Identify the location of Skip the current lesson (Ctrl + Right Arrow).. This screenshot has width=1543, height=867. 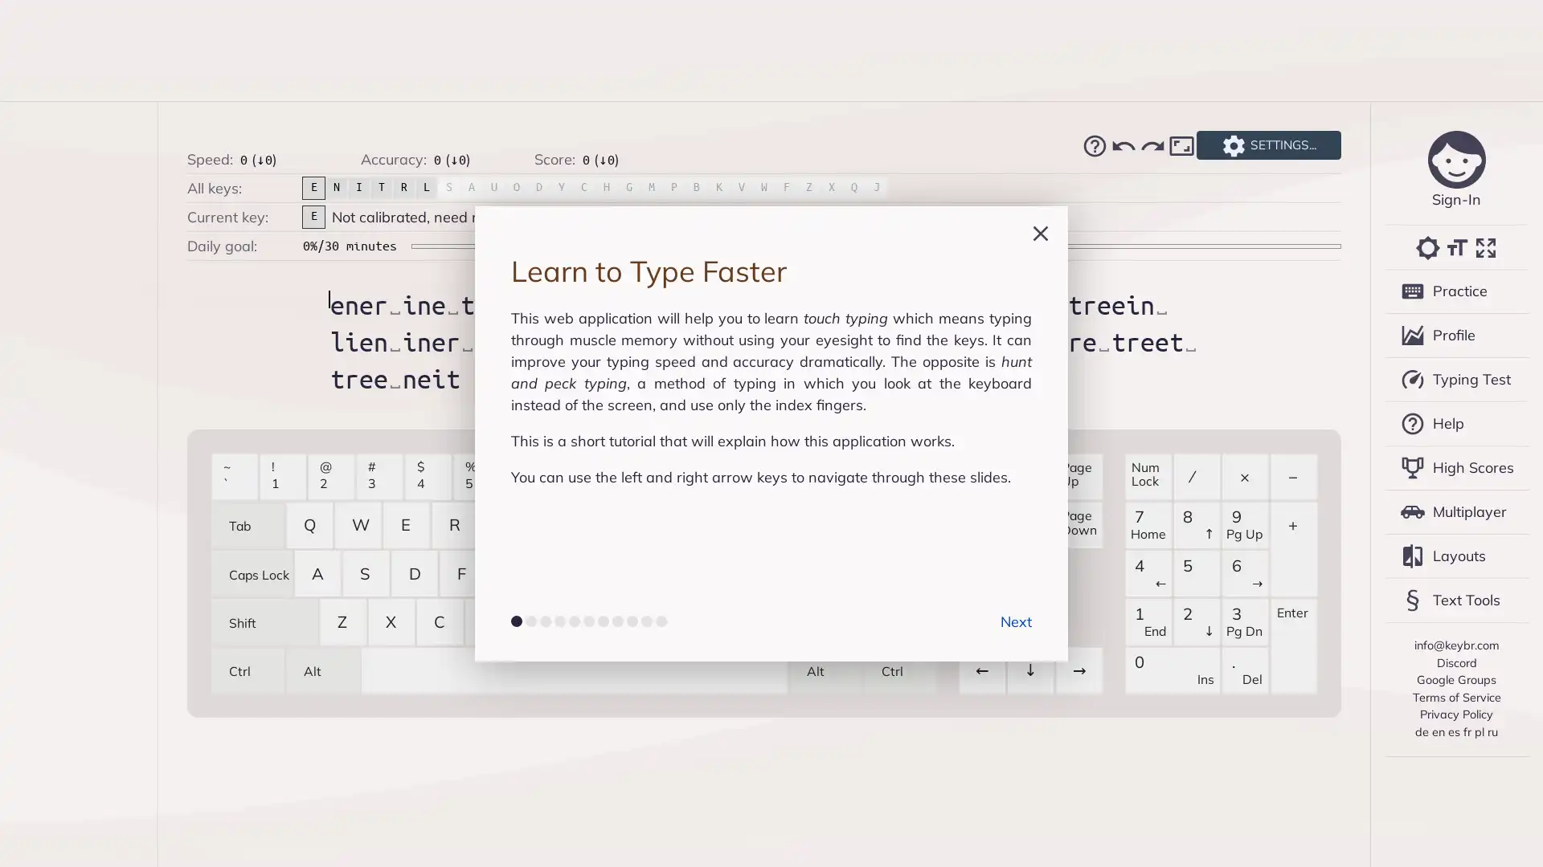
(1152, 145).